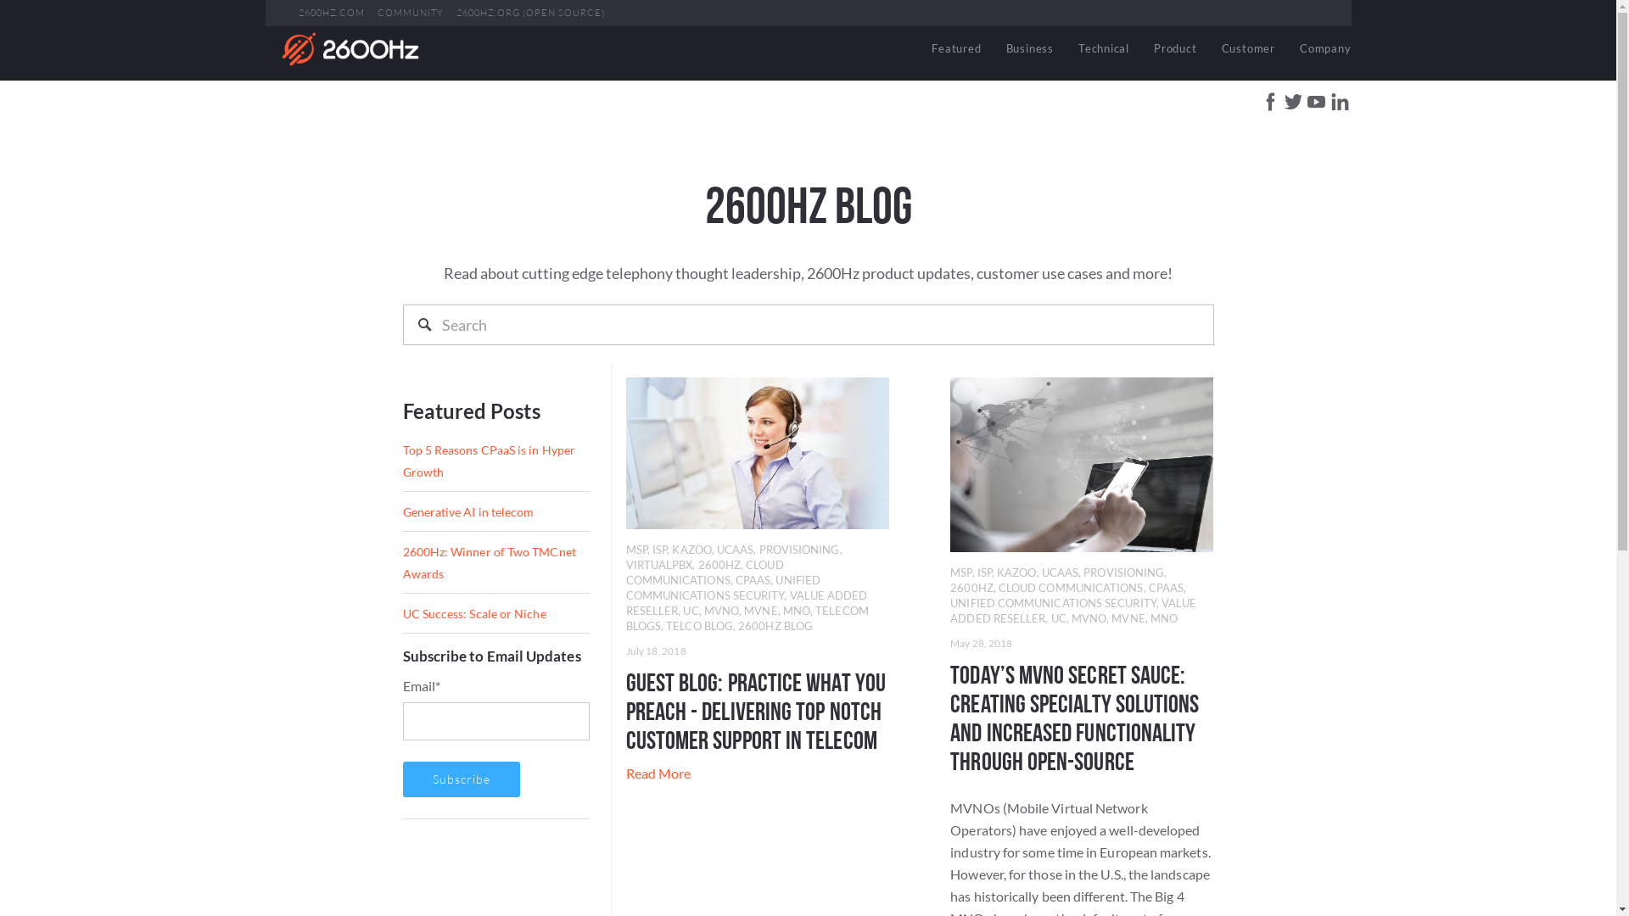 The height and width of the screenshot is (916, 1629). What do you see at coordinates (473, 613) in the screenshot?
I see `'UC Success: Scale or Niche'` at bounding box center [473, 613].